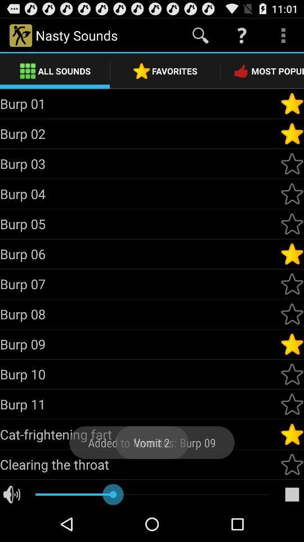 This screenshot has height=542, width=304. I want to click on the volume icon, so click(11, 529).